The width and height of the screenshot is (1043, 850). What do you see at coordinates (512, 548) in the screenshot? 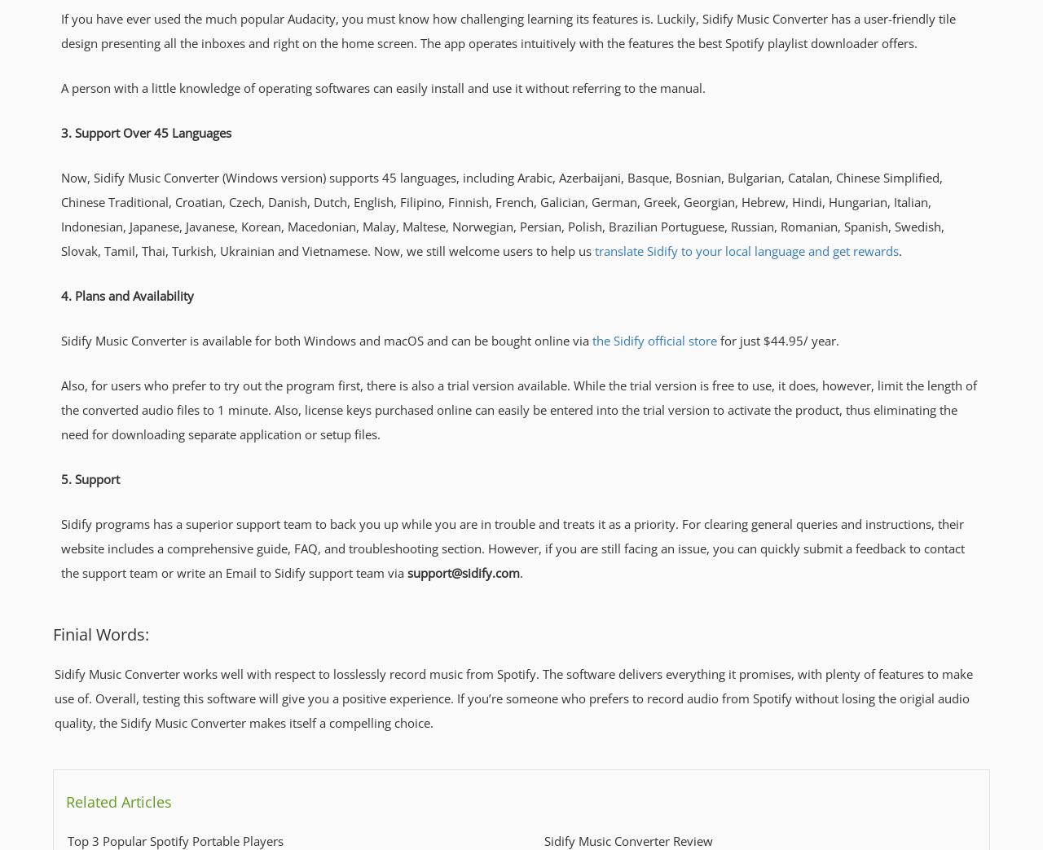
I see `'Sidify programs has a superior support team to back you up while you are in trouble and treats it as a priority. For clearing general queries and instructions, their website includes a comprehensive guide, FAQ, and troubleshooting section. However, if you are still facing an issue, you can quickly submit a feedback to contact the support team or write an Email to Sidify support team via'` at bounding box center [512, 548].